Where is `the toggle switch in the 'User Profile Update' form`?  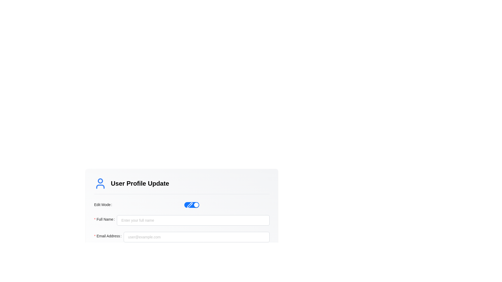
the toggle switch in the 'User Profile Update' form is located at coordinates (182, 204).